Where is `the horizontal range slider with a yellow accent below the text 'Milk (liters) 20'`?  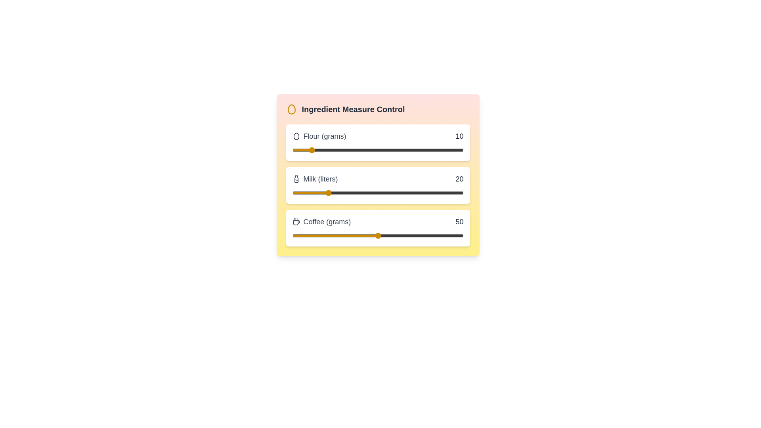 the horizontal range slider with a yellow accent below the text 'Milk (liters) 20' is located at coordinates (377, 193).